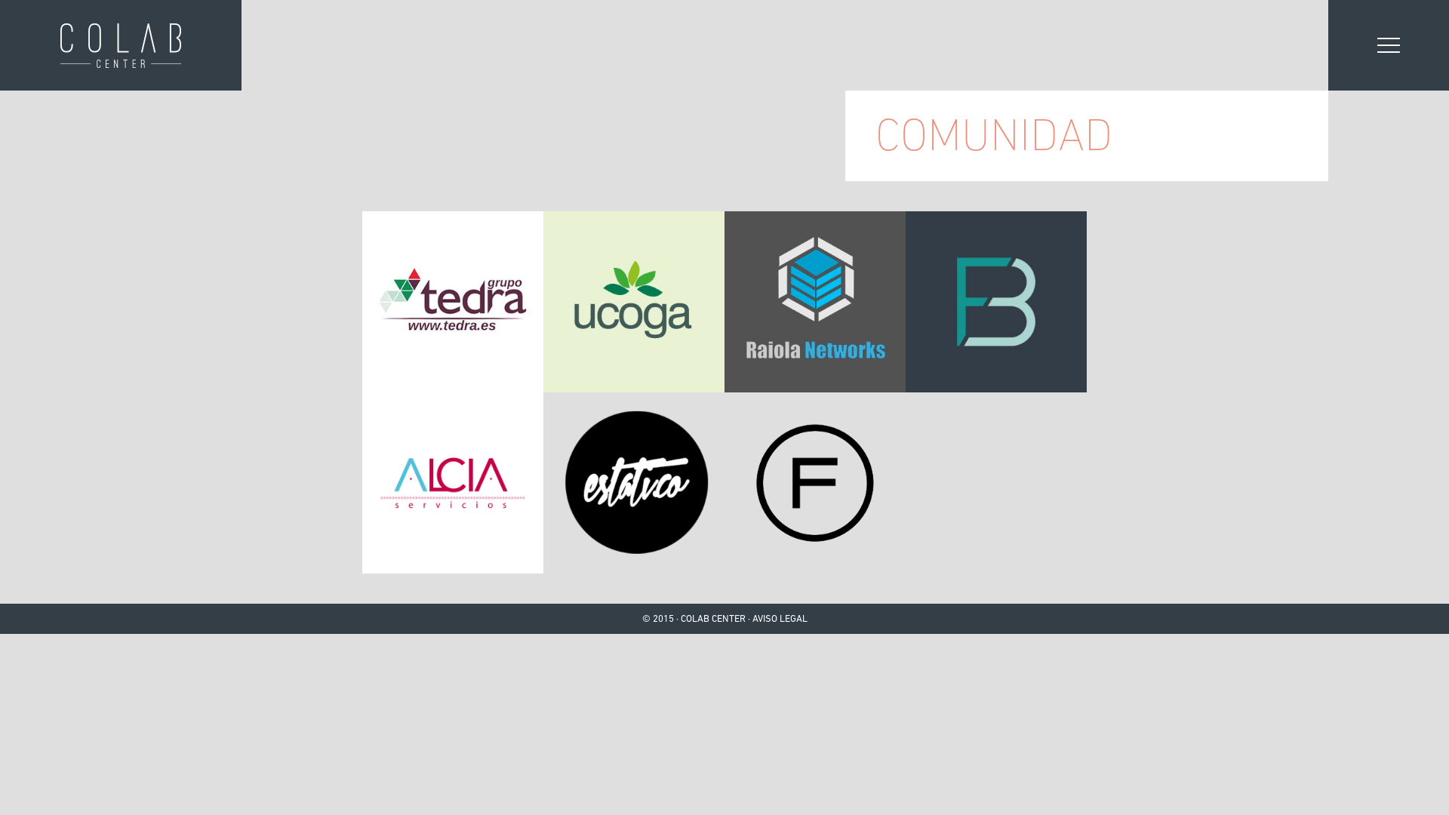  I want to click on 'AVISO LEGAL', so click(752, 619).